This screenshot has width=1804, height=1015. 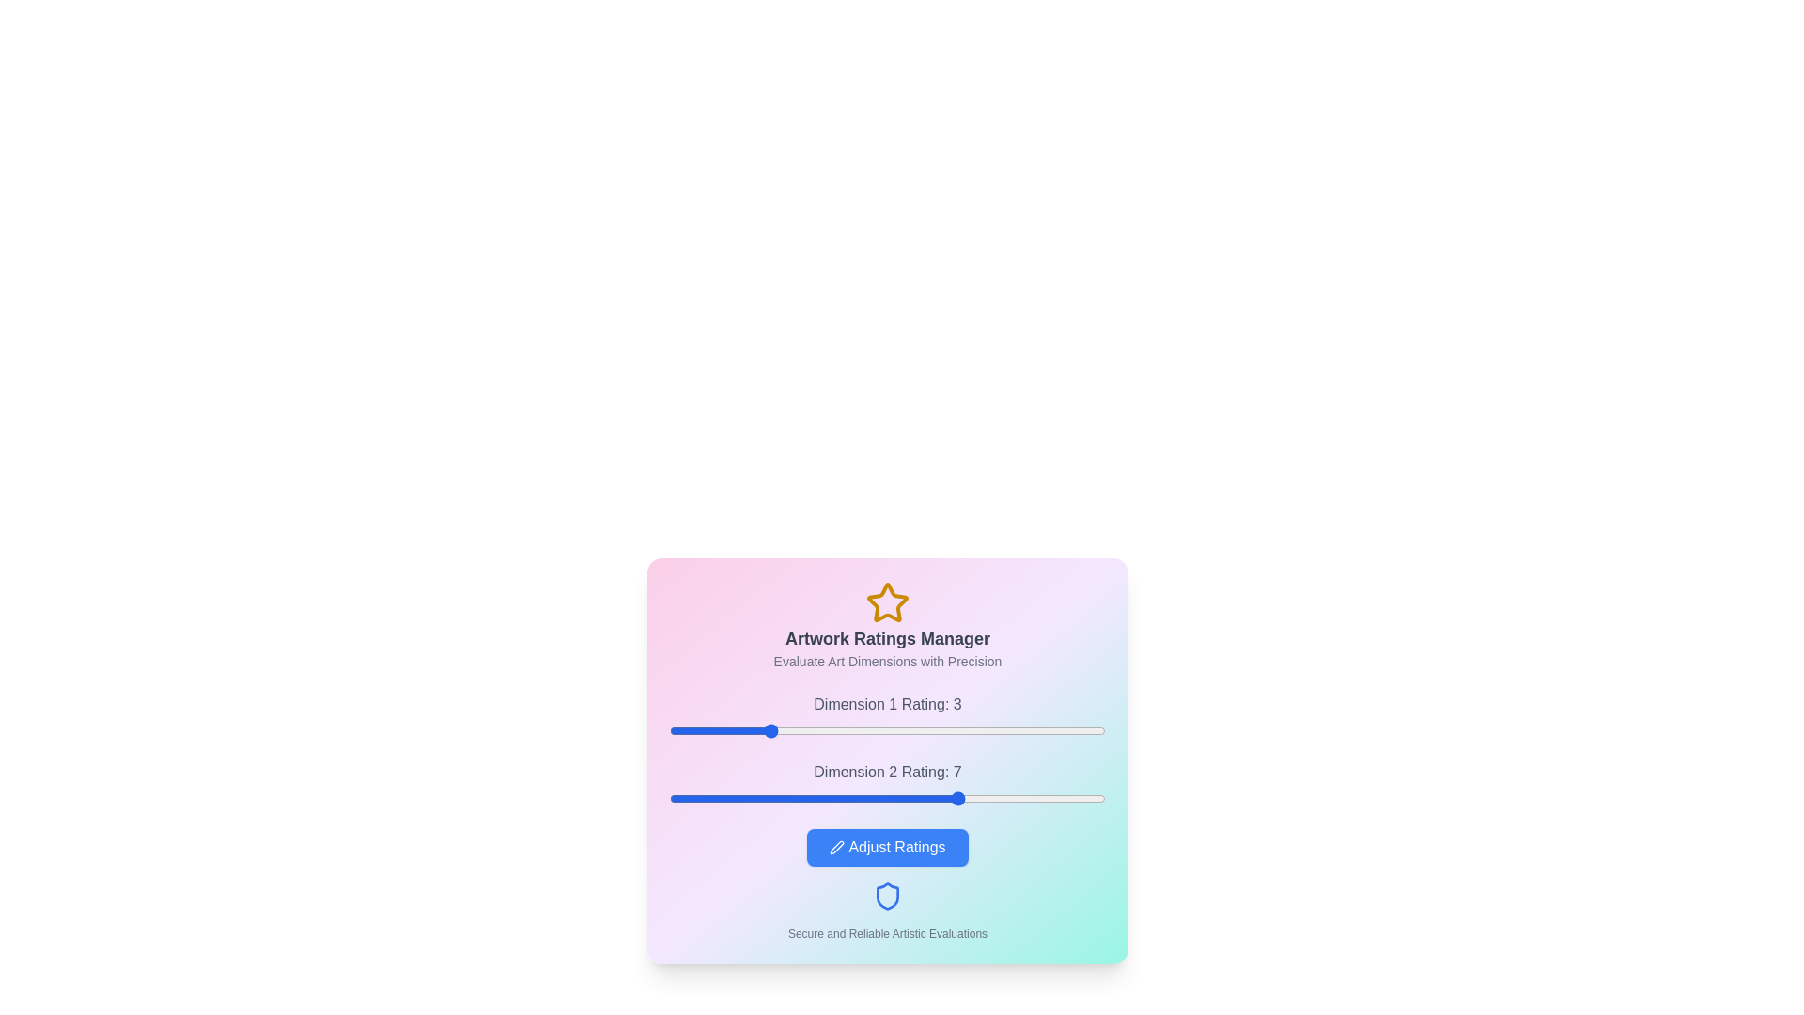 What do you see at coordinates (863, 730) in the screenshot?
I see `the first dimension rating to 5 by moving the slider` at bounding box center [863, 730].